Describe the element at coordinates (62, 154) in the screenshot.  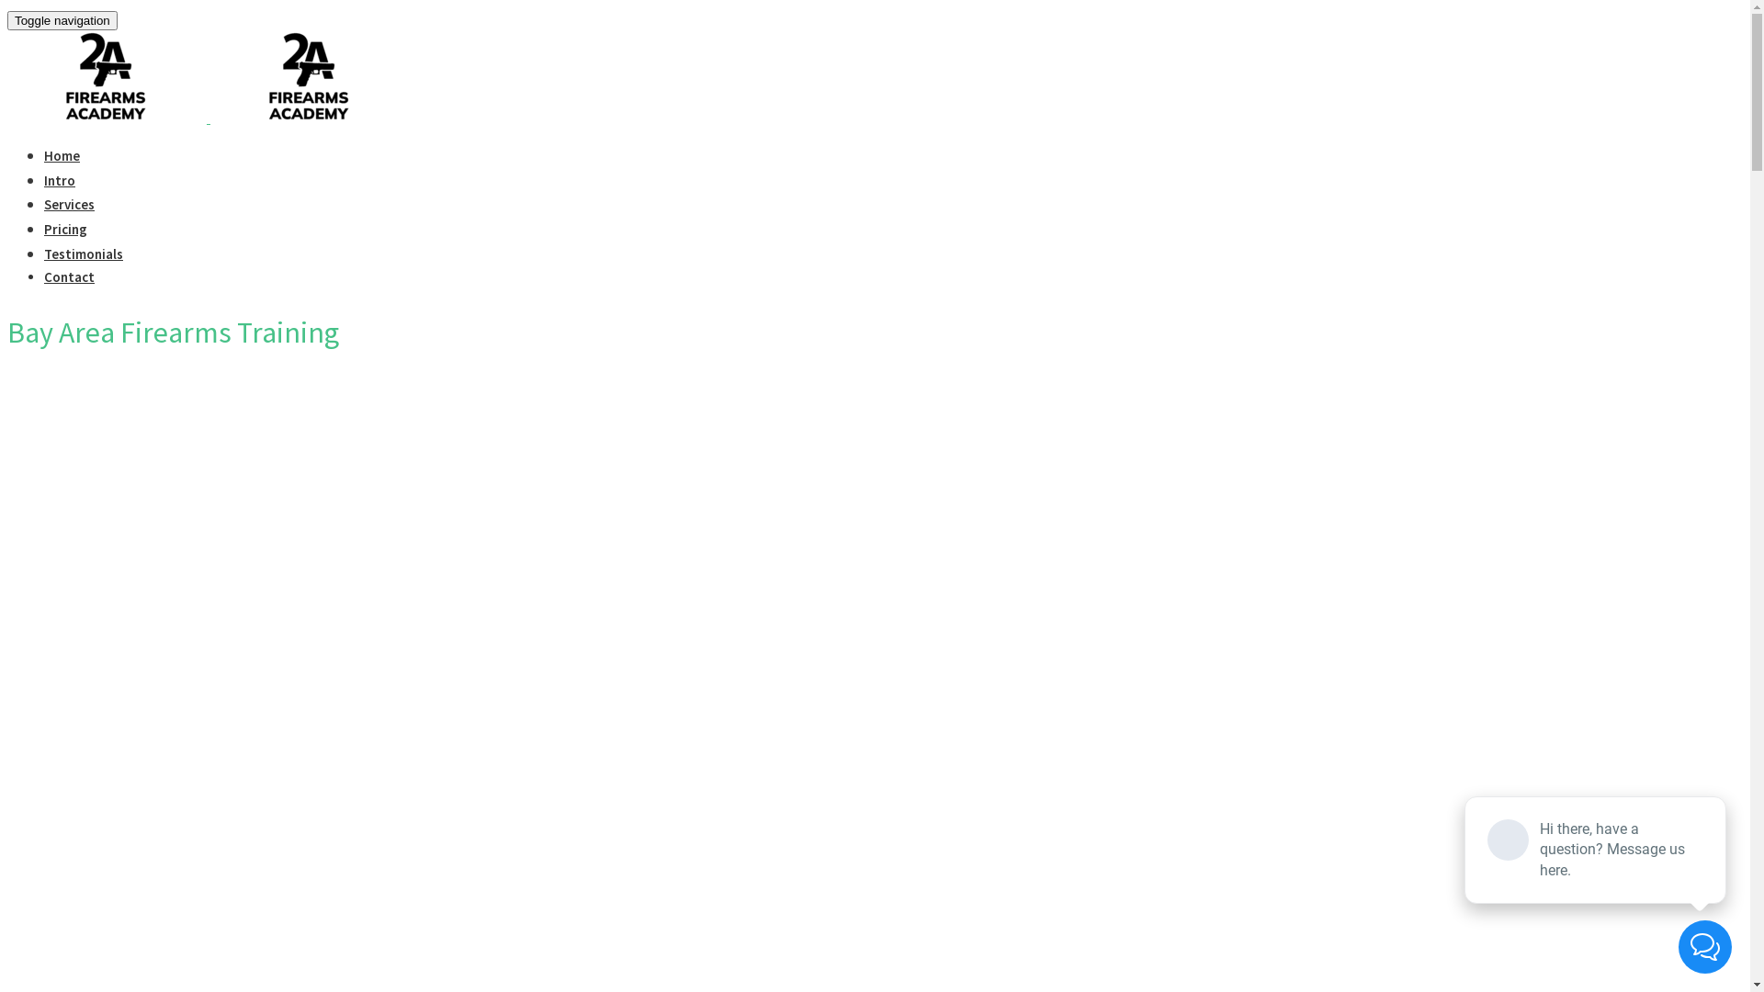
I see `'Home'` at that location.